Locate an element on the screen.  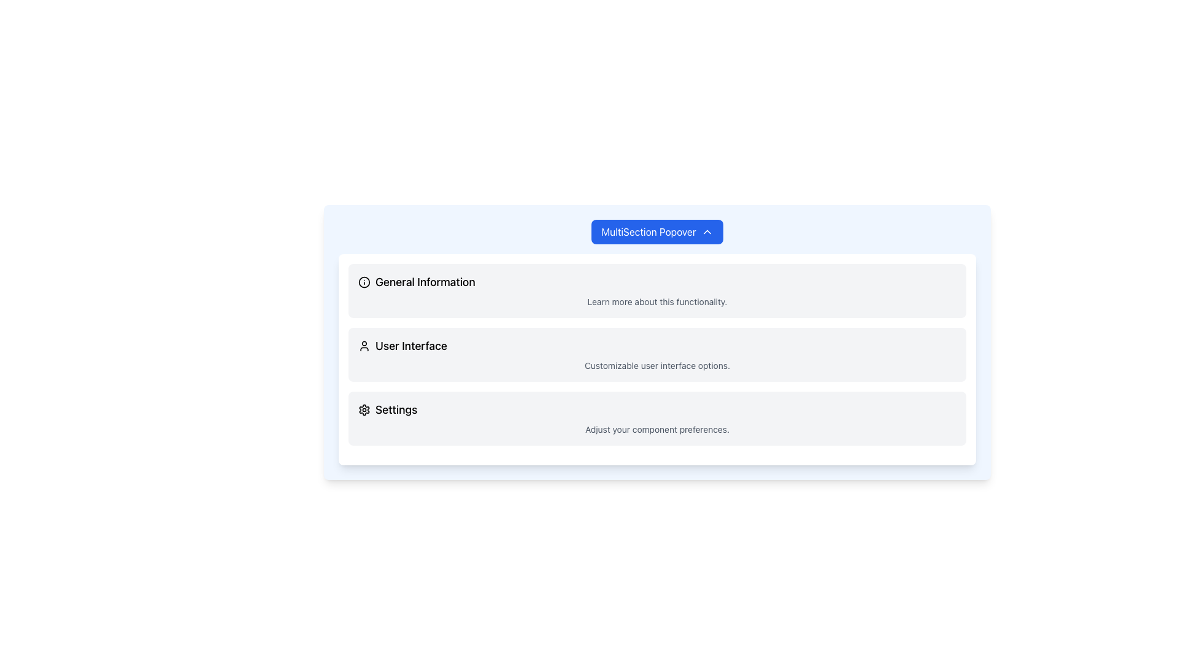
the static text label that says 'Adjust your component preferences.' located below the 'Settings' title in the 'Settings' section card is located at coordinates (656, 428).